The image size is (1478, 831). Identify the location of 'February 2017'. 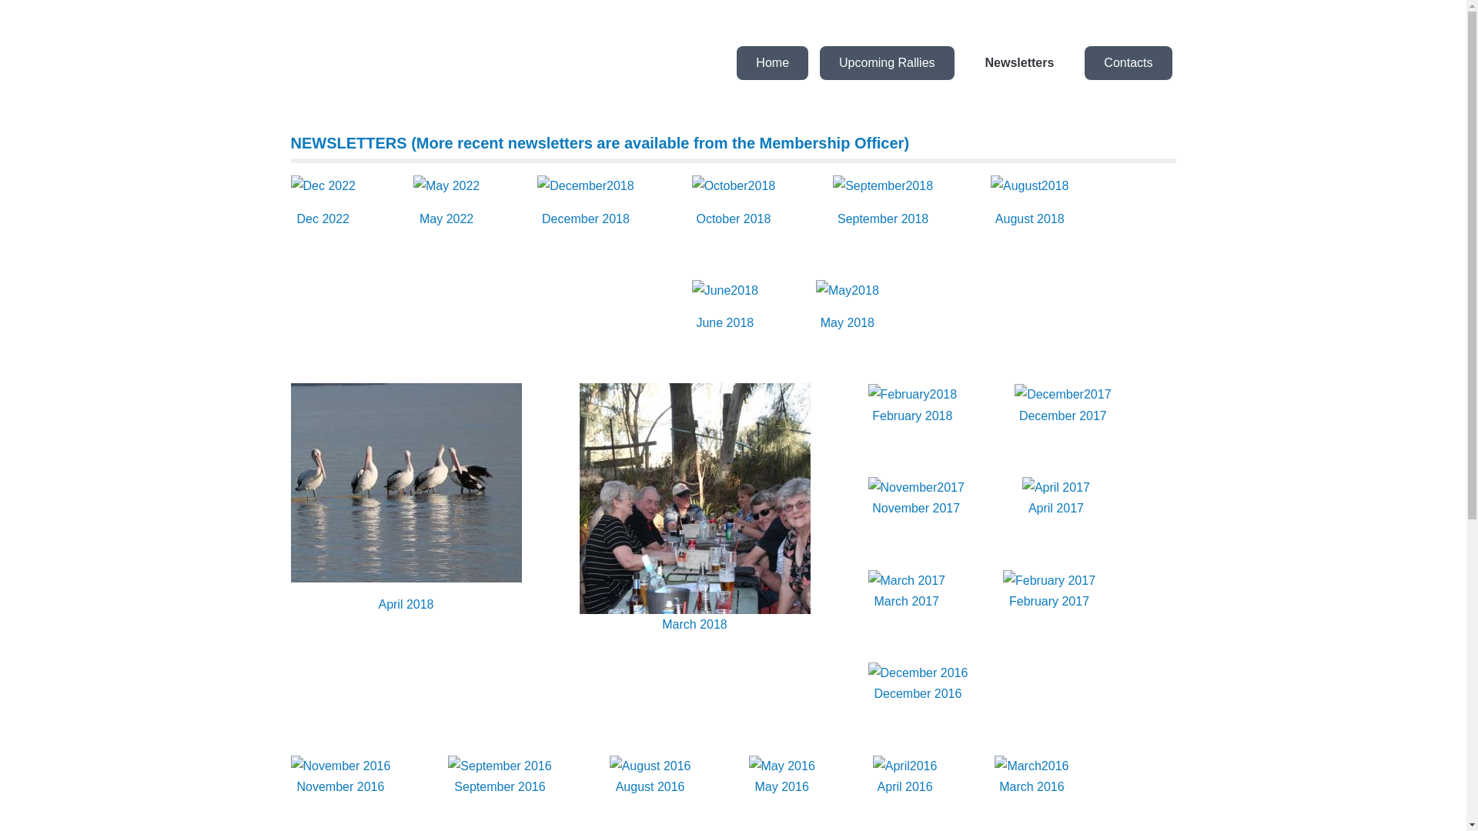
(1048, 600).